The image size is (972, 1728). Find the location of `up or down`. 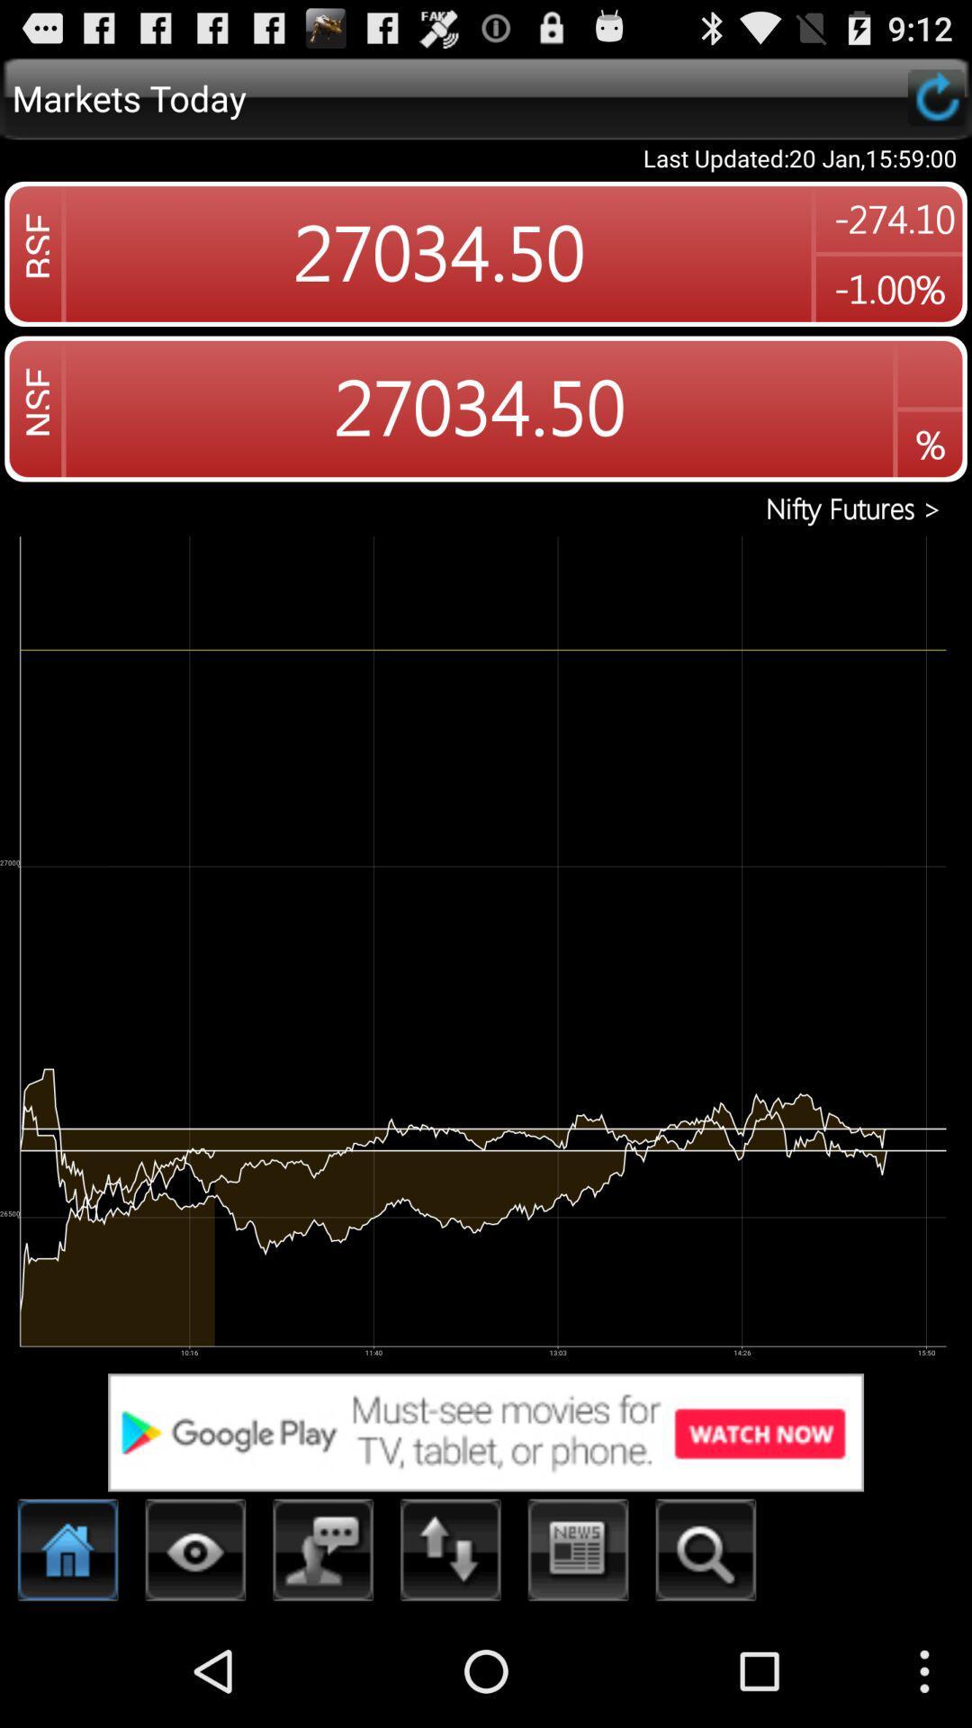

up or down is located at coordinates (450, 1554).